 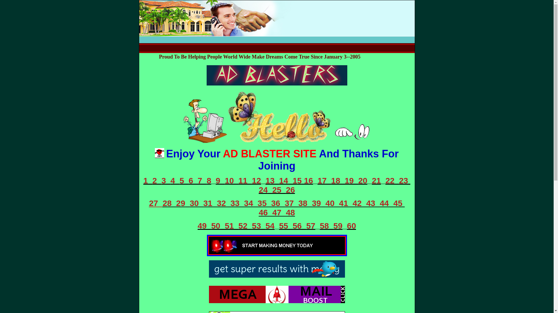 What do you see at coordinates (262, 203) in the screenshot?
I see `'  35 '` at bounding box center [262, 203].